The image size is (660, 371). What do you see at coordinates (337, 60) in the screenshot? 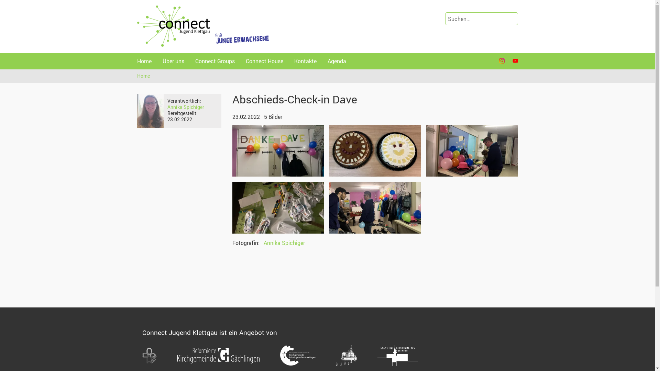
I see `'Agenda'` at bounding box center [337, 60].